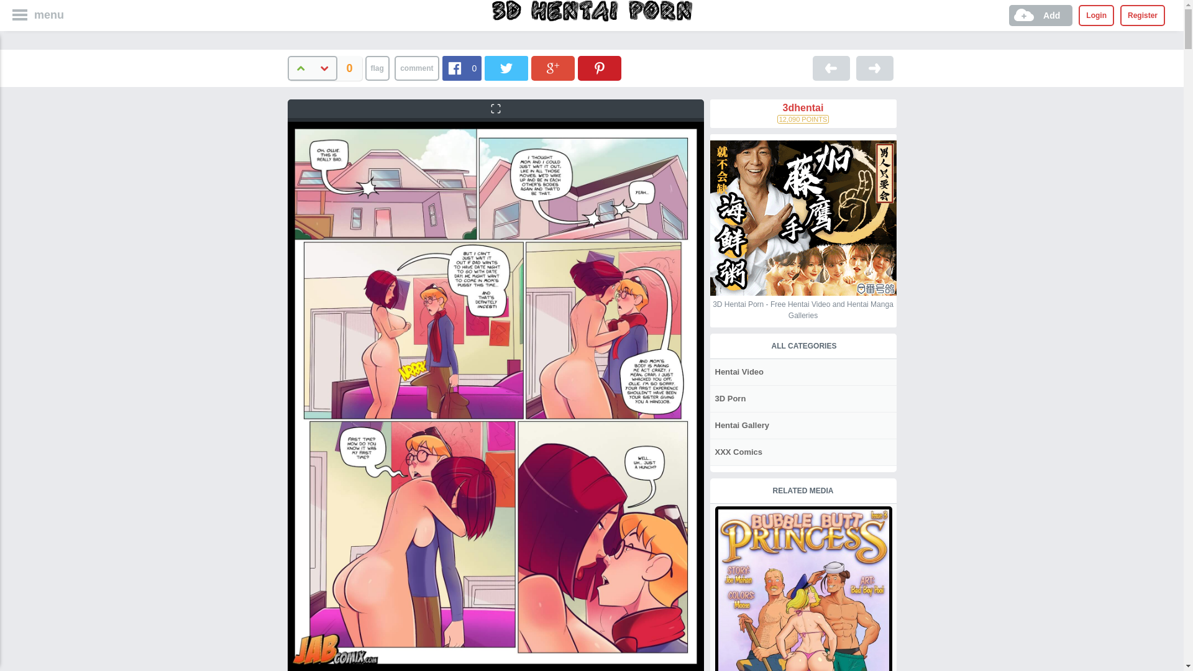  Describe the element at coordinates (416, 68) in the screenshot. I see `'Answer this Media'` at that location.